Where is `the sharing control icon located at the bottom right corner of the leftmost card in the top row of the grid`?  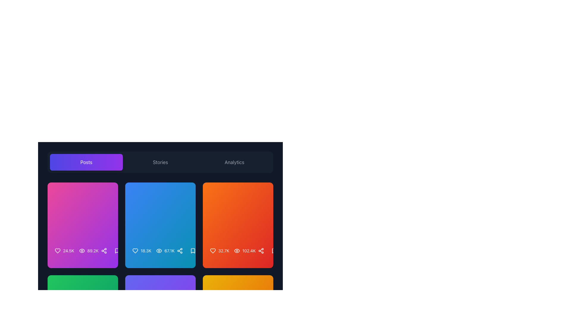
the sharing control icon located at the bottom right corner of the leftmost card in the top row of the grid is located at coordinates (104, 251).